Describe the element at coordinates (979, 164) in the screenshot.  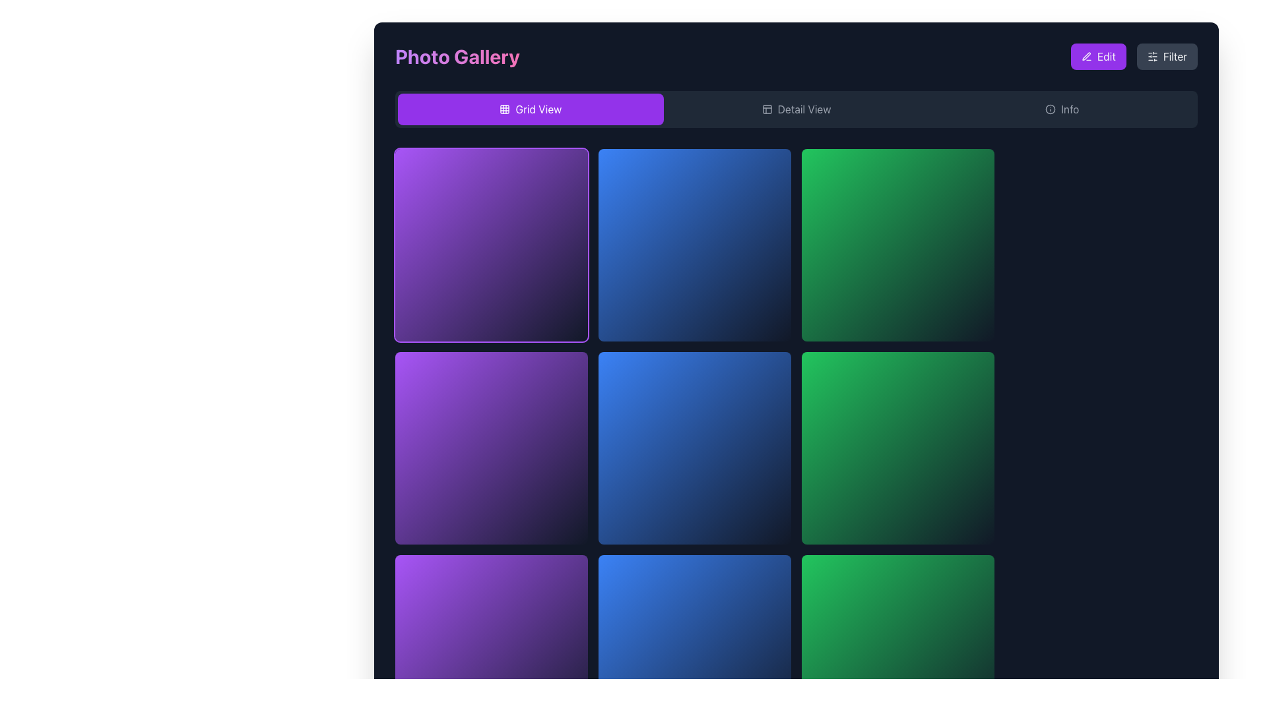
I see `the small circular button with a dark rose background color, located in the top-right corner of the green gradient card` at that location.